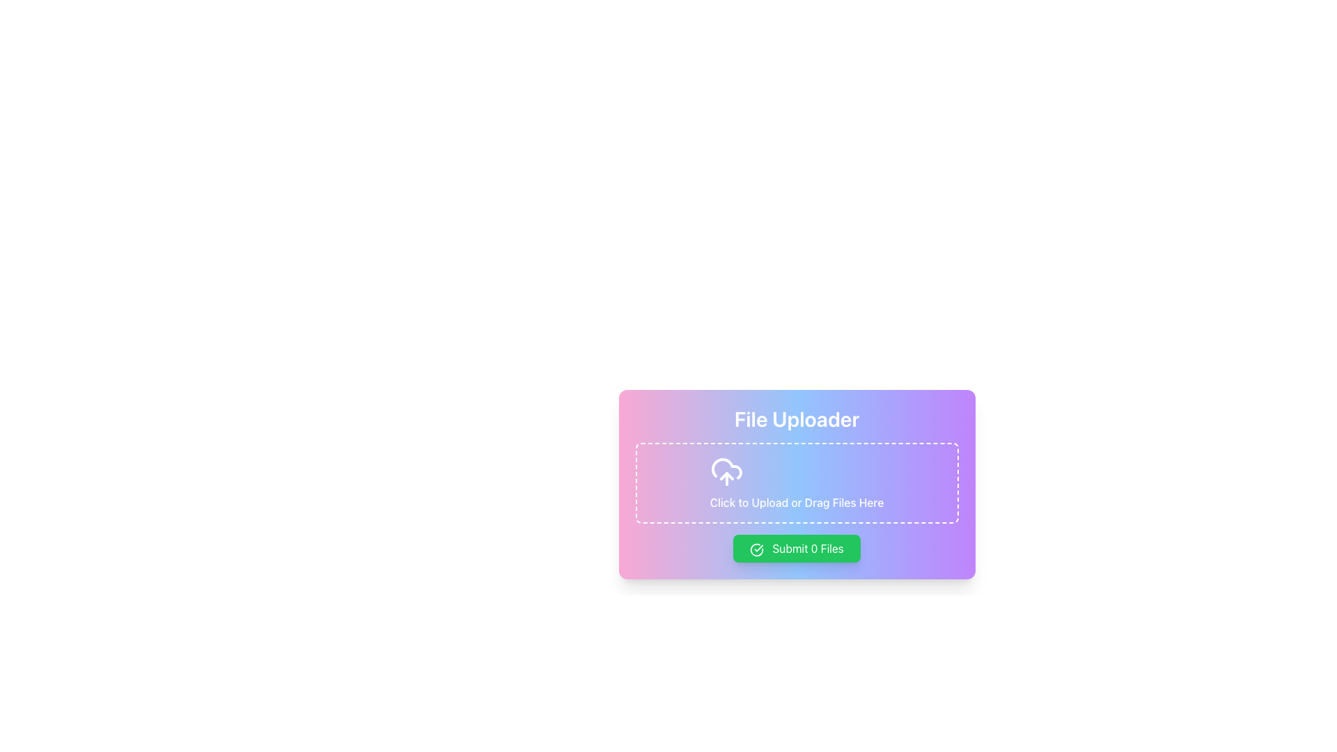  Describe the element at coordinates (797, 547) in the screenshot. I see `the green rectangular 'Submit 0 Files' button with rounded corners in the 'File Uploader' section` at that location.